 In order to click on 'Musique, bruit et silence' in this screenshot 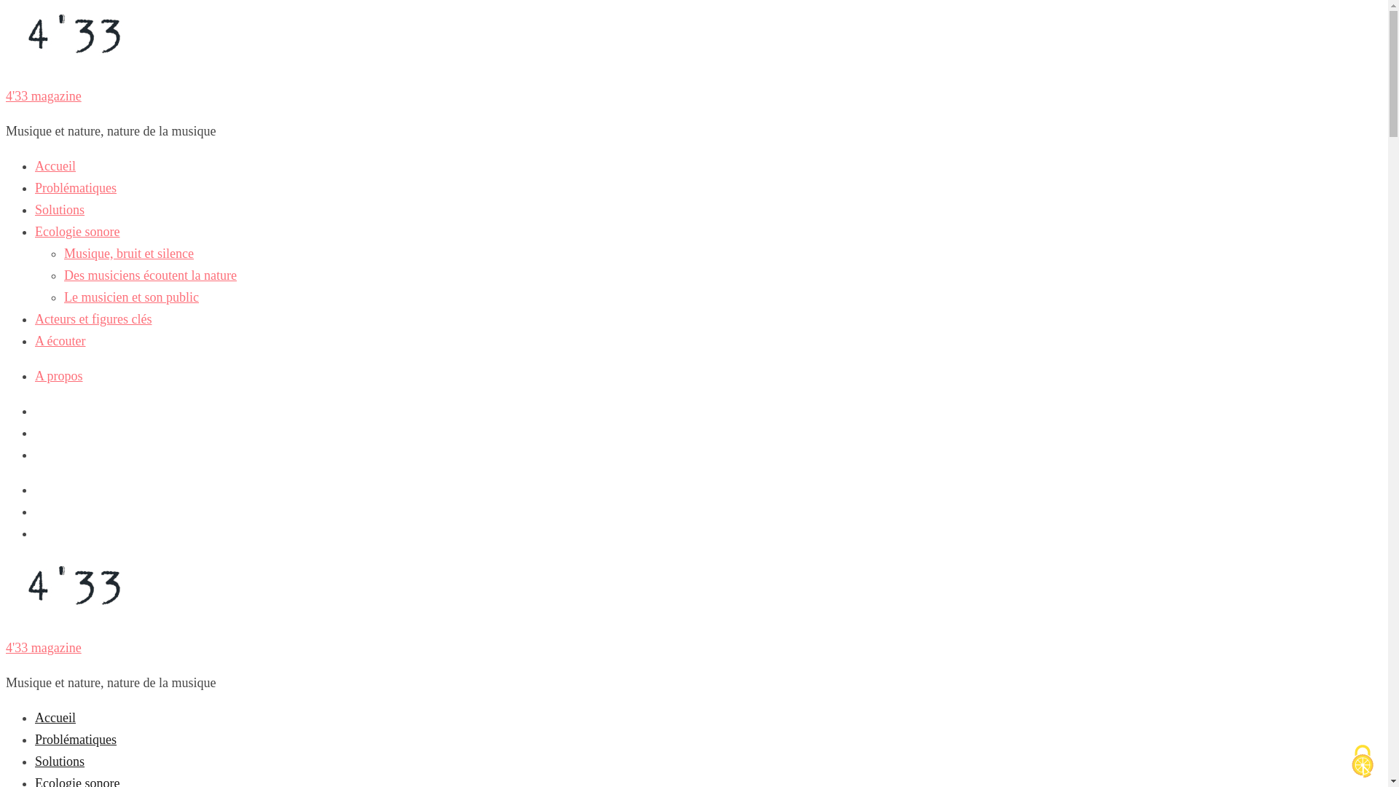, I will do `click(129, 252)`.